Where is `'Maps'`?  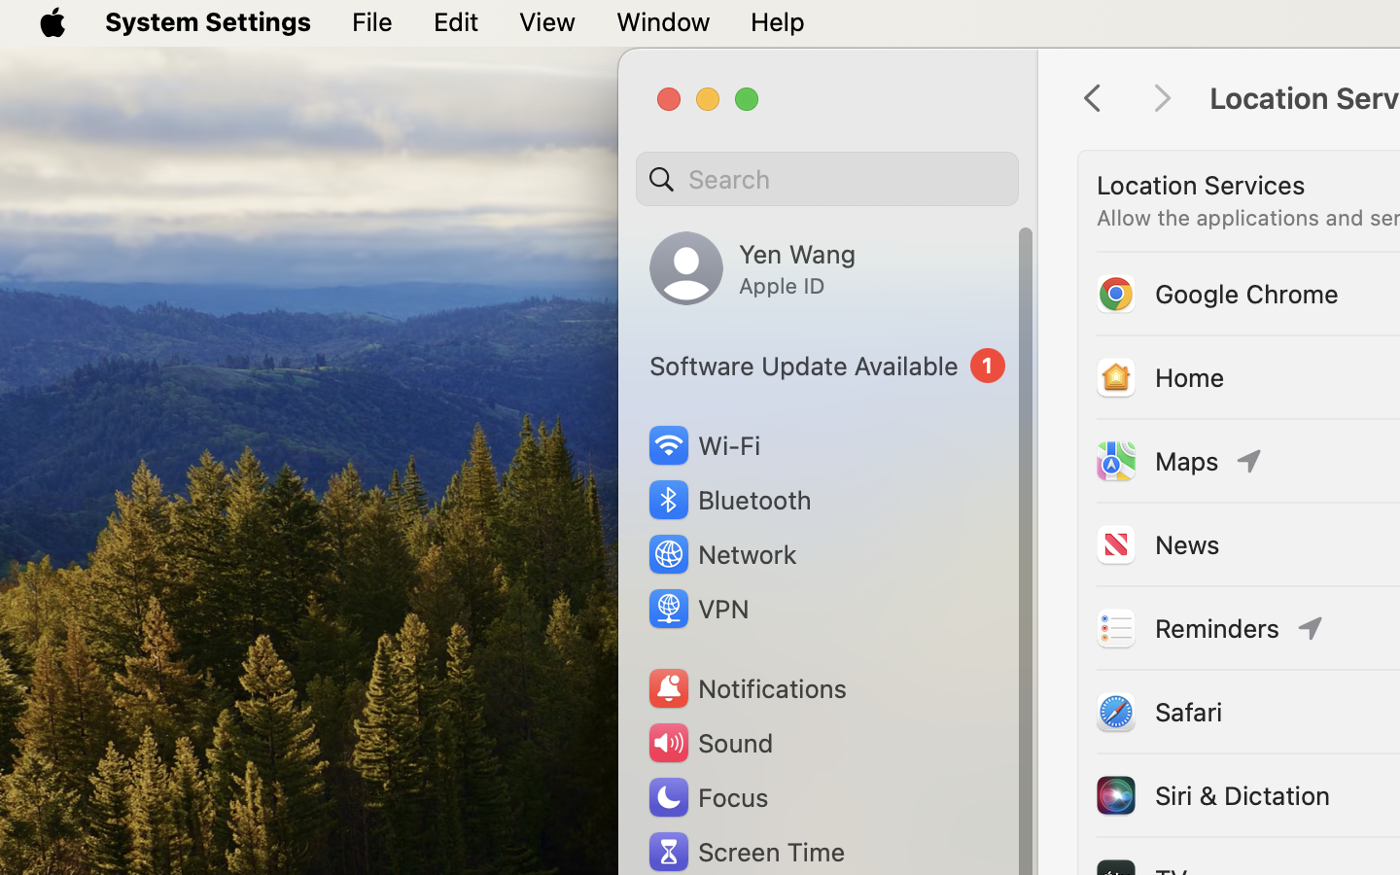
'Maps' is located at coordinates (1156, 460).